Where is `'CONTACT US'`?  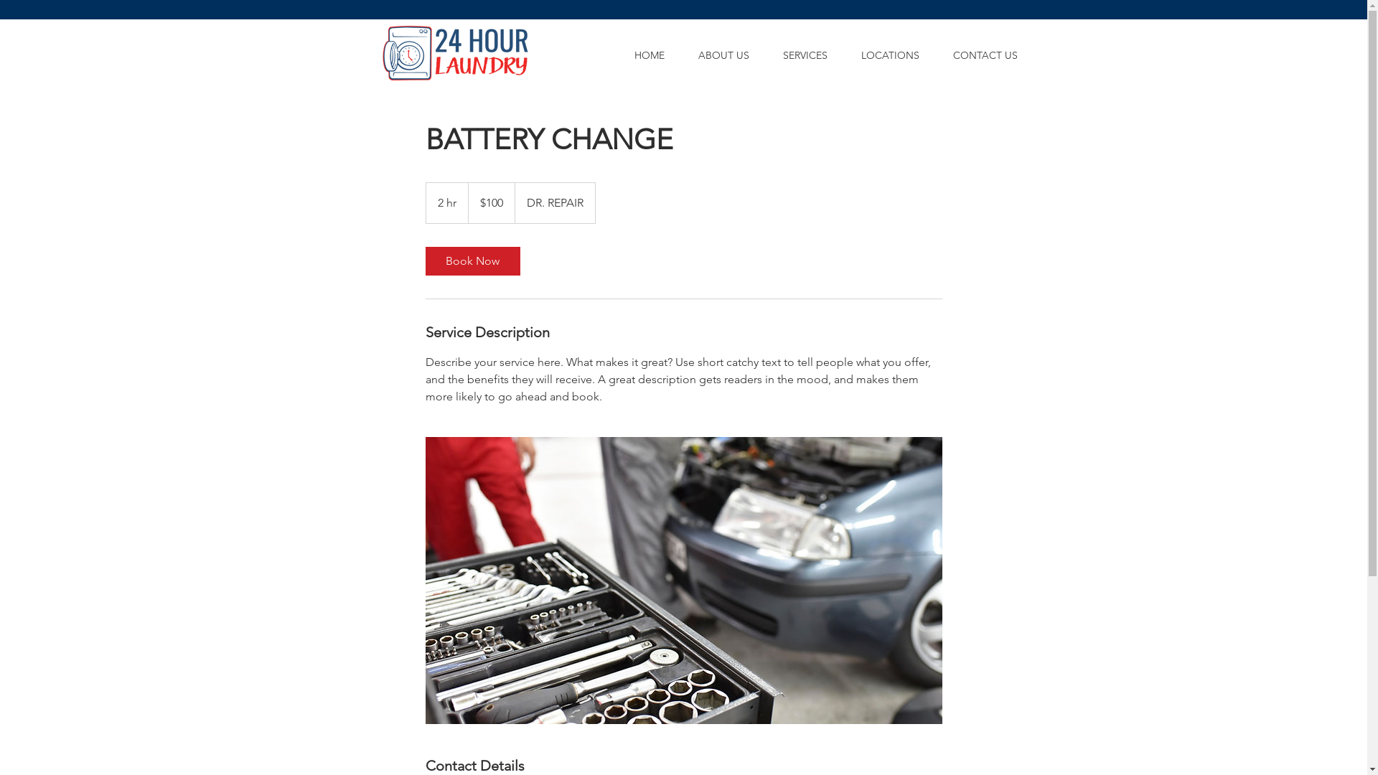
'CONTACT US' is located at coordinates (936, 55).